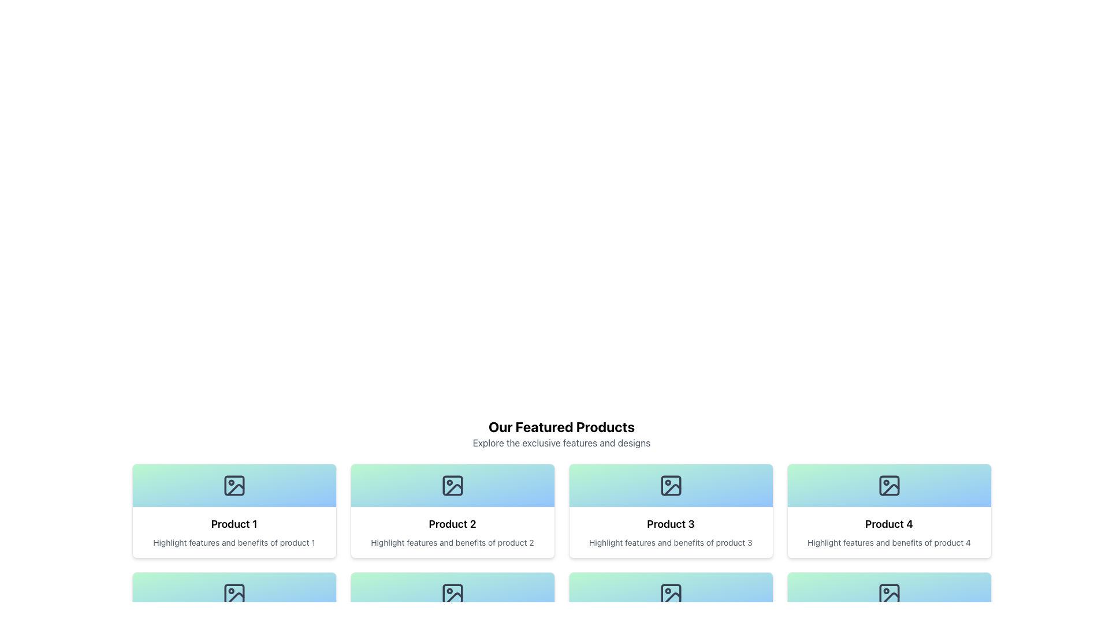  I want to click on the SVG rectangle that serves as a visual part of the image icon in the second product card of the grid layout under 'Our Featured Products', so click(233, 594).